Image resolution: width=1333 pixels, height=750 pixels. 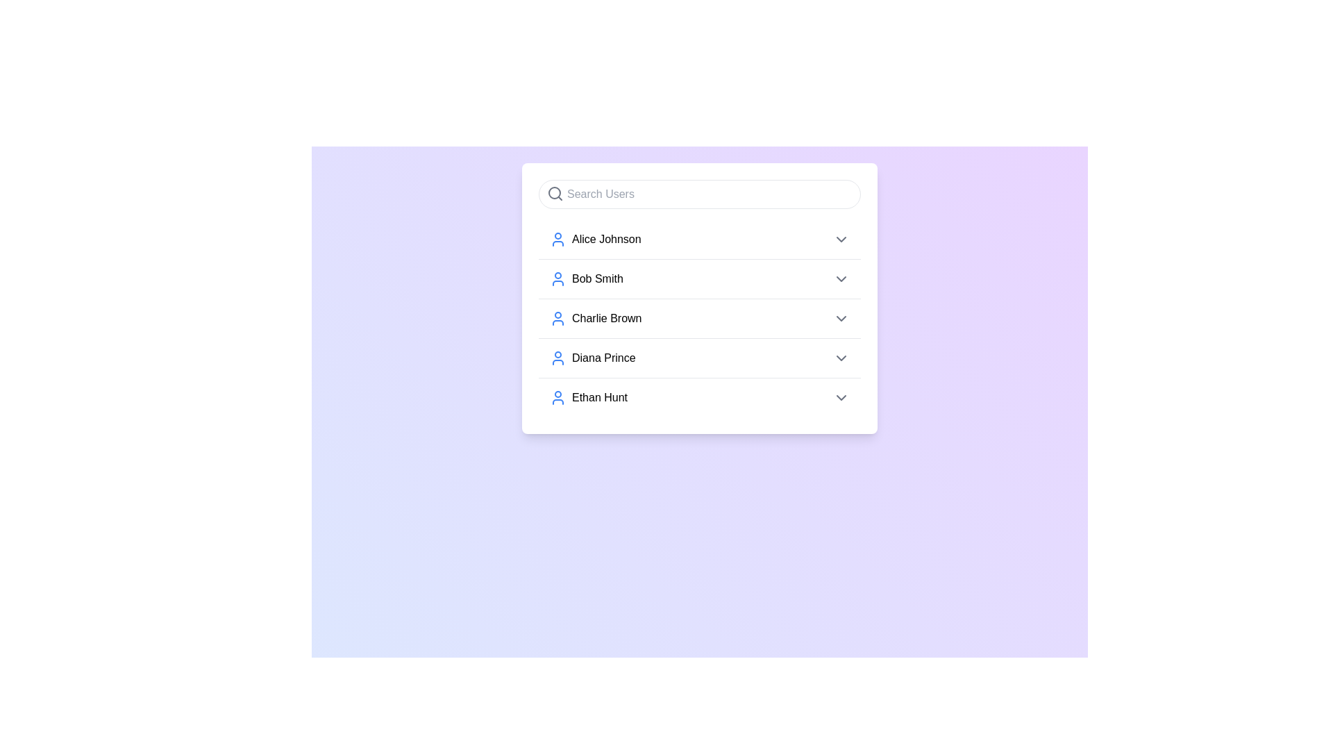 What do you see at coordinates (607, 319) in the screenshot?
I see `the Text label displaying the user's name located in the third position of a user list, positioned between 'Bob Smith' and 'Diana Prince'` at bounding box center [607, 319].